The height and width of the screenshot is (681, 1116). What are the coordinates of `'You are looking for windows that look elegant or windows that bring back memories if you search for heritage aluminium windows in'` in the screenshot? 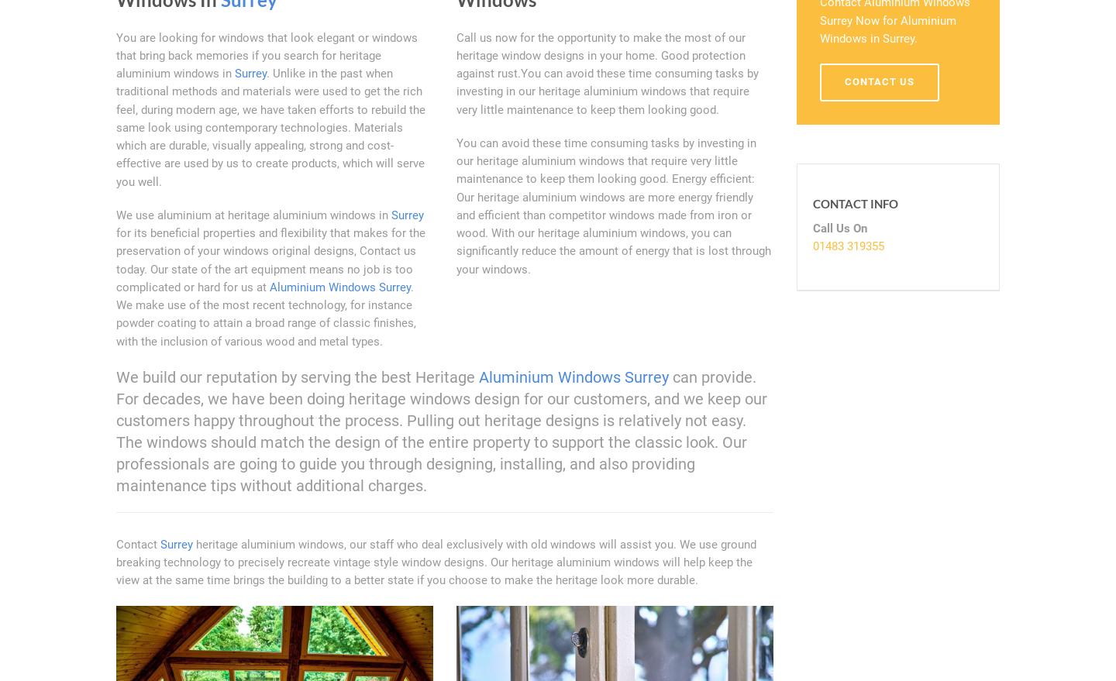 It's located at (267, 55).